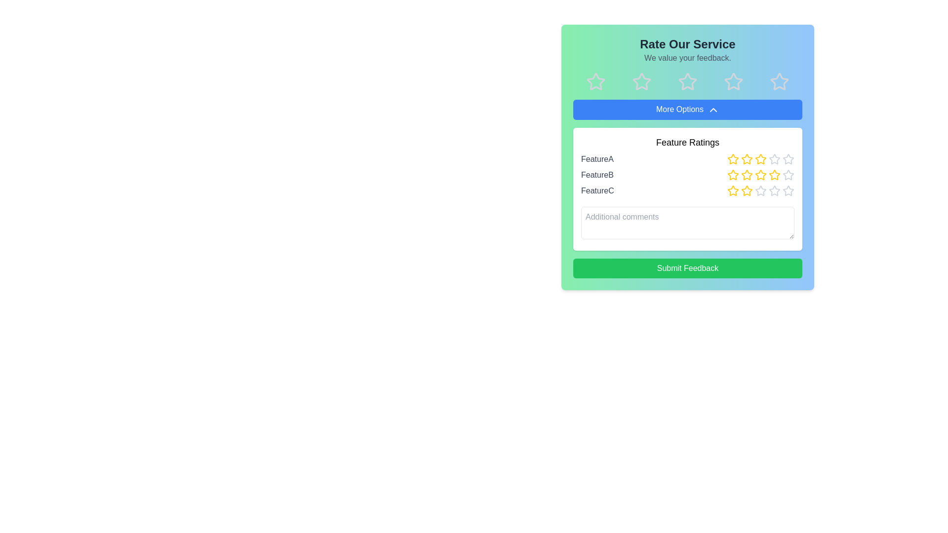 Image resolution: width=948 pixels, height=533 pixels. What do you see at coordinates (788, 190) in the screenshot?
I see `the fifth star rating button for 'FeatureC' in the feedback interface` at bounding box center [788, 190].